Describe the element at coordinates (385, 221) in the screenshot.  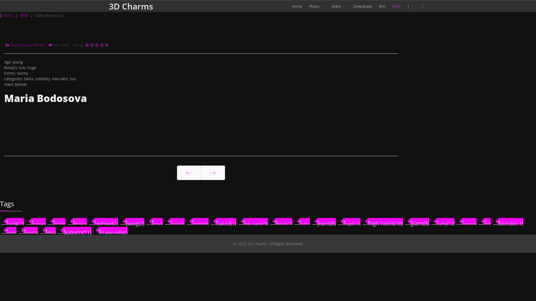
I see `'high heels(18)'` at that location.